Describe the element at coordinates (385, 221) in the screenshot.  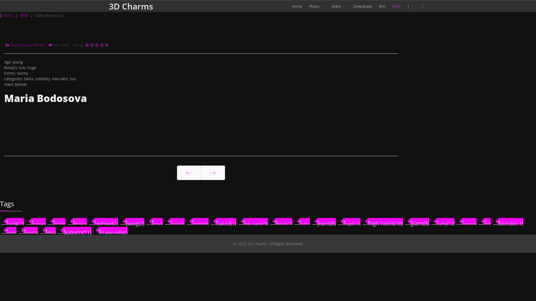
I see `'high heels(18)'` at that location.